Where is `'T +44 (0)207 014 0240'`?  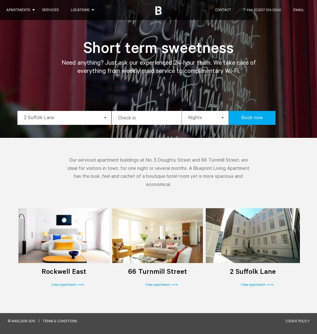 'T +44 (0)207 014 0240' is located at coordinates (262, 10).